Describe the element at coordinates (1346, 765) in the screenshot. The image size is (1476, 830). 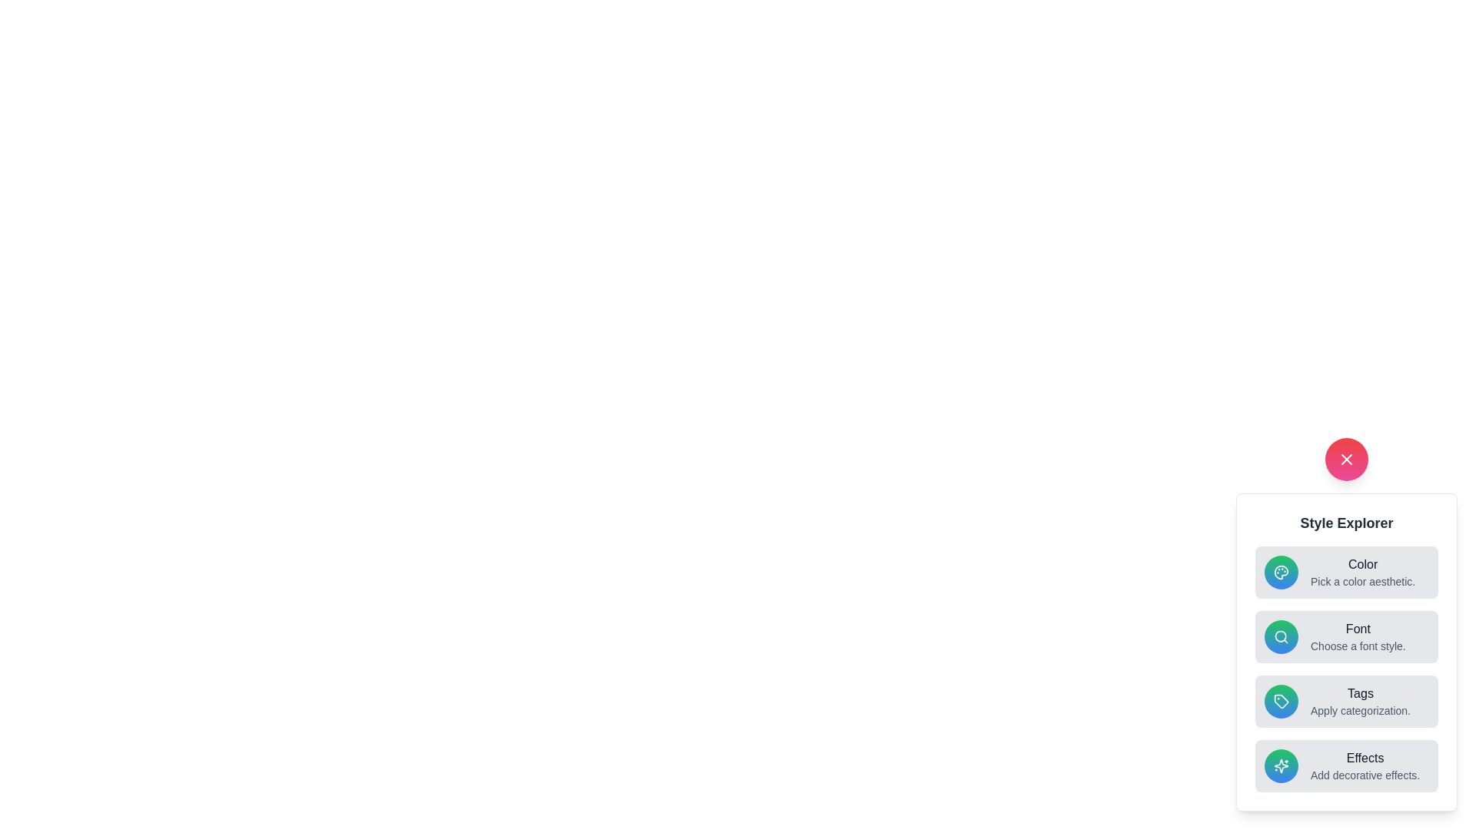
I see `the style option labeled Effects` at that location.